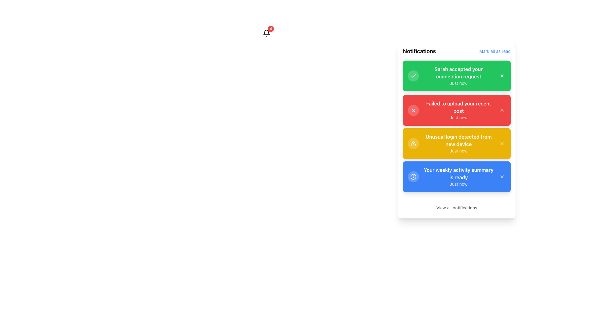  I want to click on the positive acknowledgment icon located in the top-left corner of the green notification entry indicating 'Sarah accepted your connection request.', so click(413, 75).